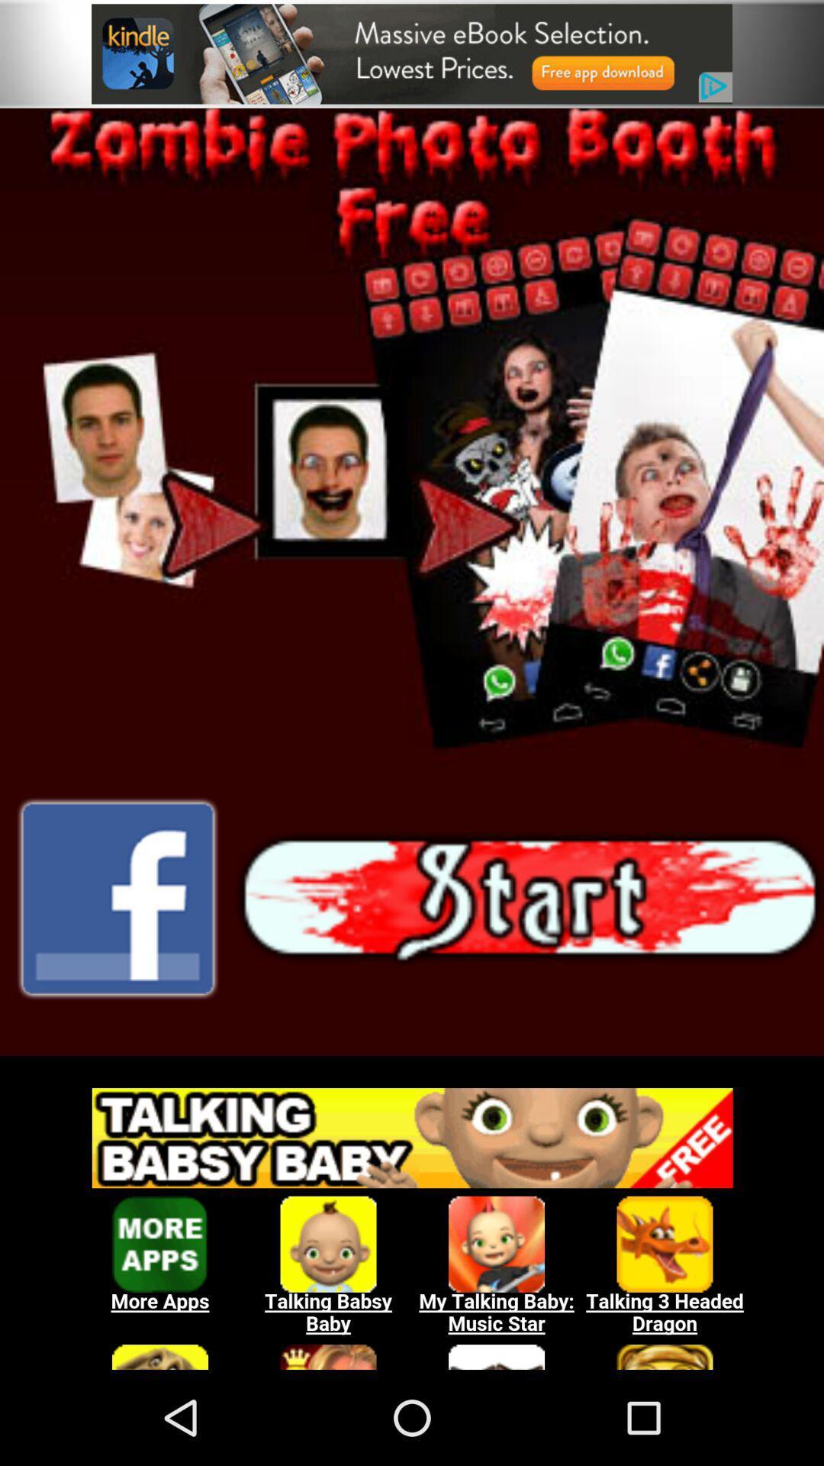 Image resolution: width=824 pixels, height=1466 pixels. What do you see at coordinates (412, 581) in the screenshot?
I see `start app` at bounding box center [412, 581].